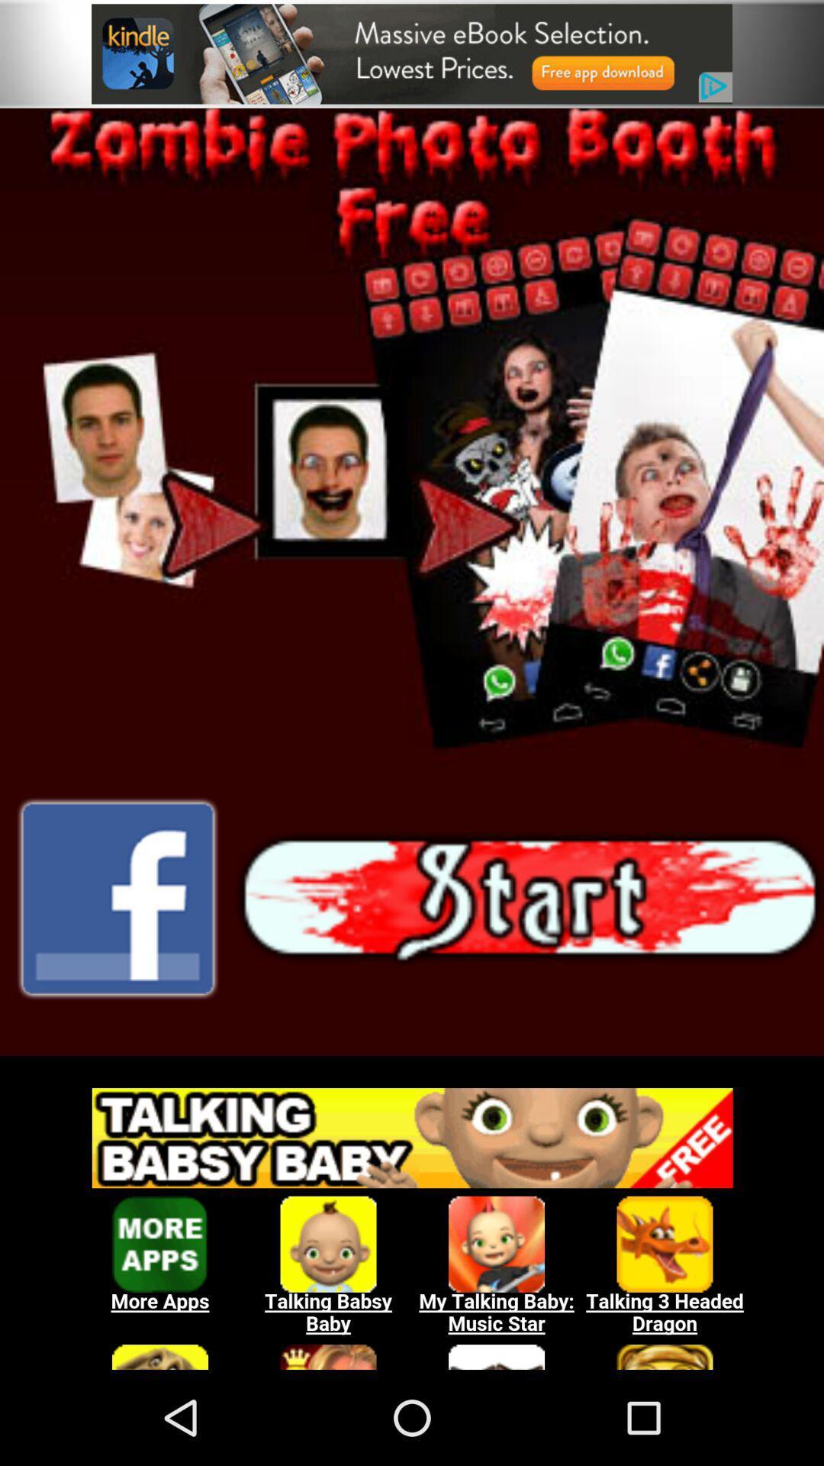 Image resolution: width=824 pixels, height=1466 pixels. What do you see at coordinates (412, 581) in the screenshot?
I see `start app` at bounding box center [412, 581].